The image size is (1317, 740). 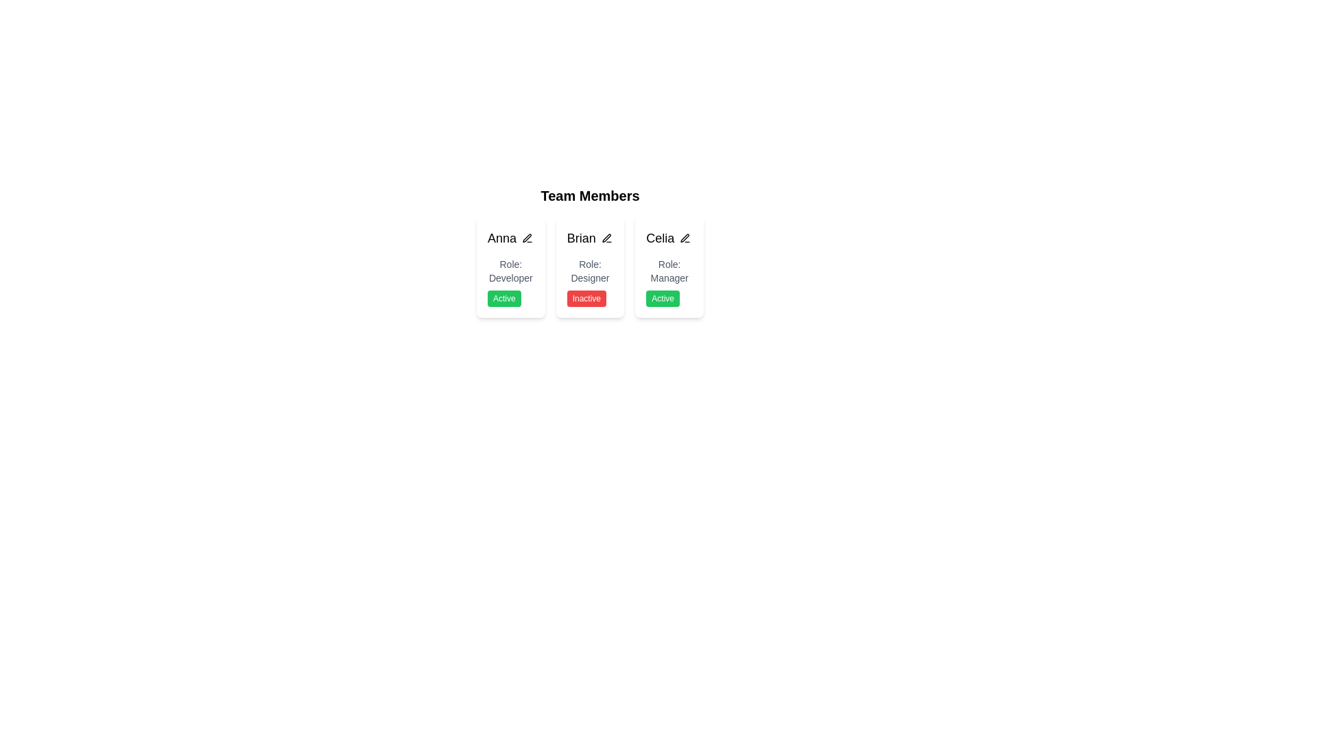 What do you see at coordinates (590, 195) in the screenshot?
I see `the title text that describes the team members section, which is centrally located above the team member profiles grid` at bounding box center [590, 195].